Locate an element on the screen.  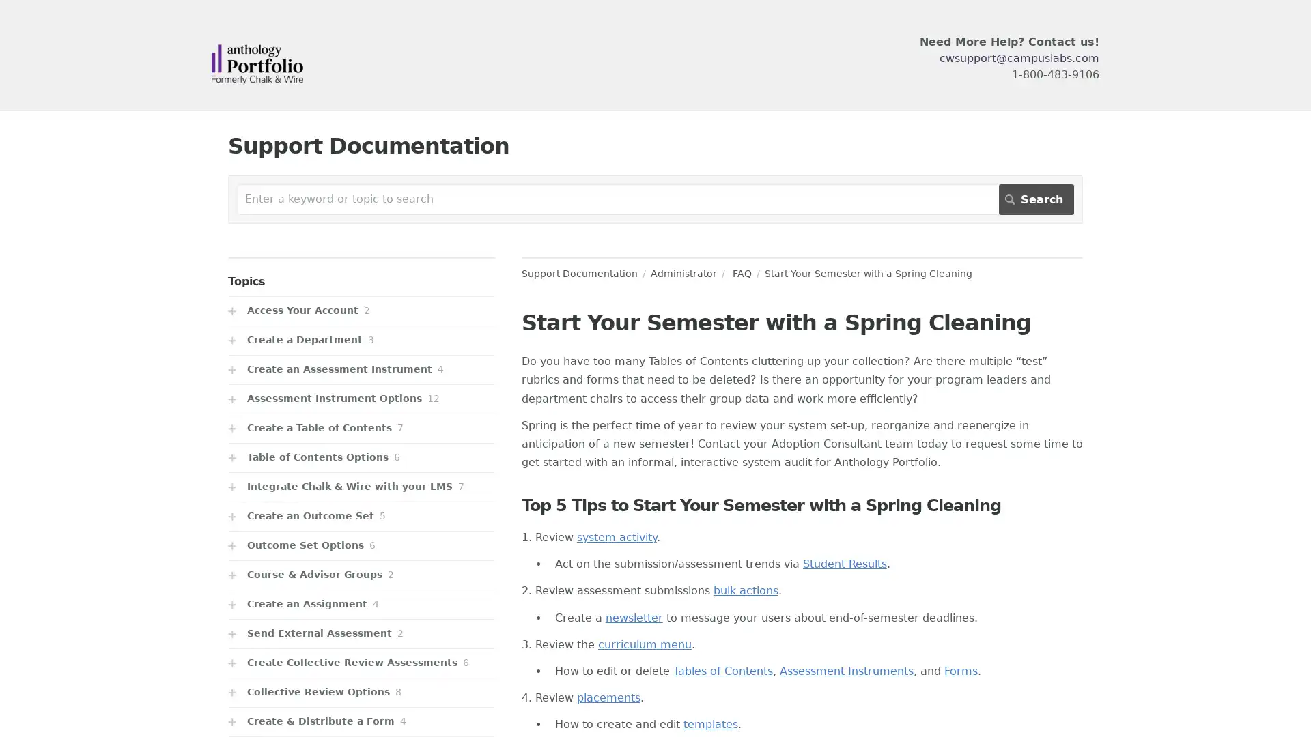
Create a Table of Contents 7 is located at coordinates (361, 427).